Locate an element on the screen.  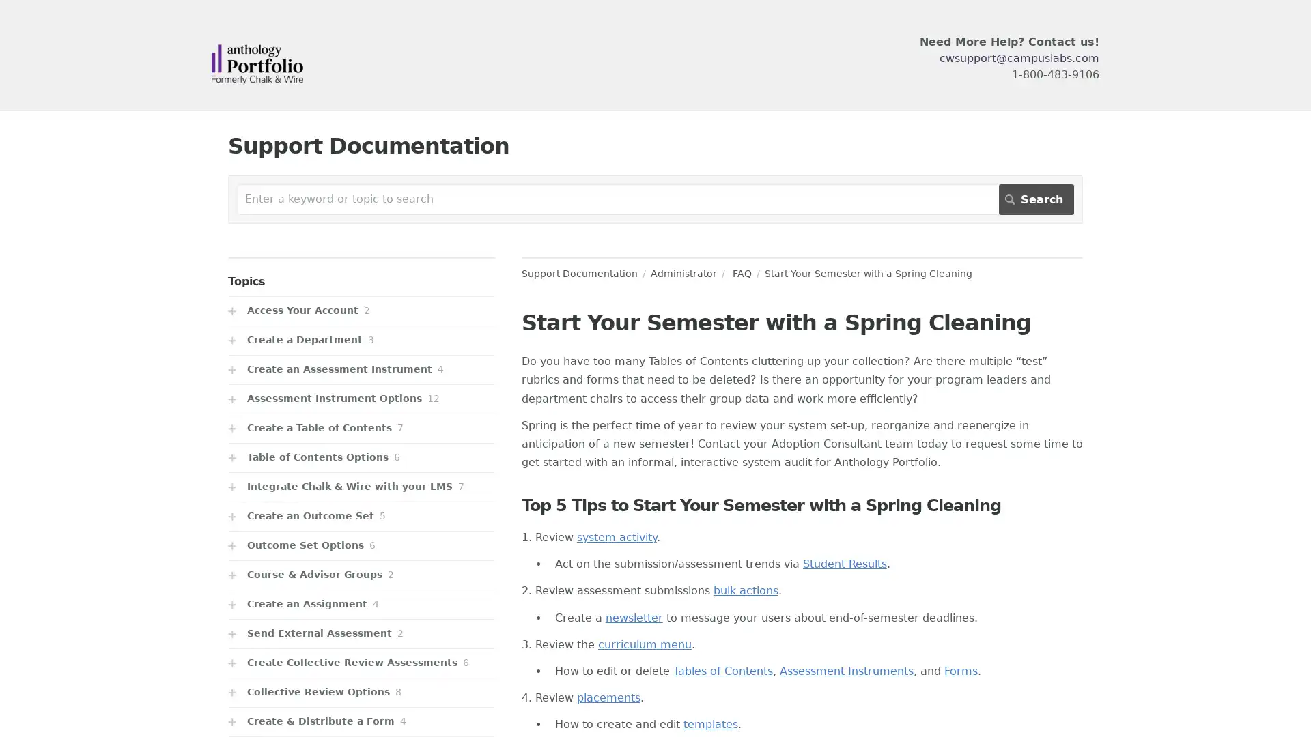
Create a Table of Contents 7 is located at coordinates (361, 427).